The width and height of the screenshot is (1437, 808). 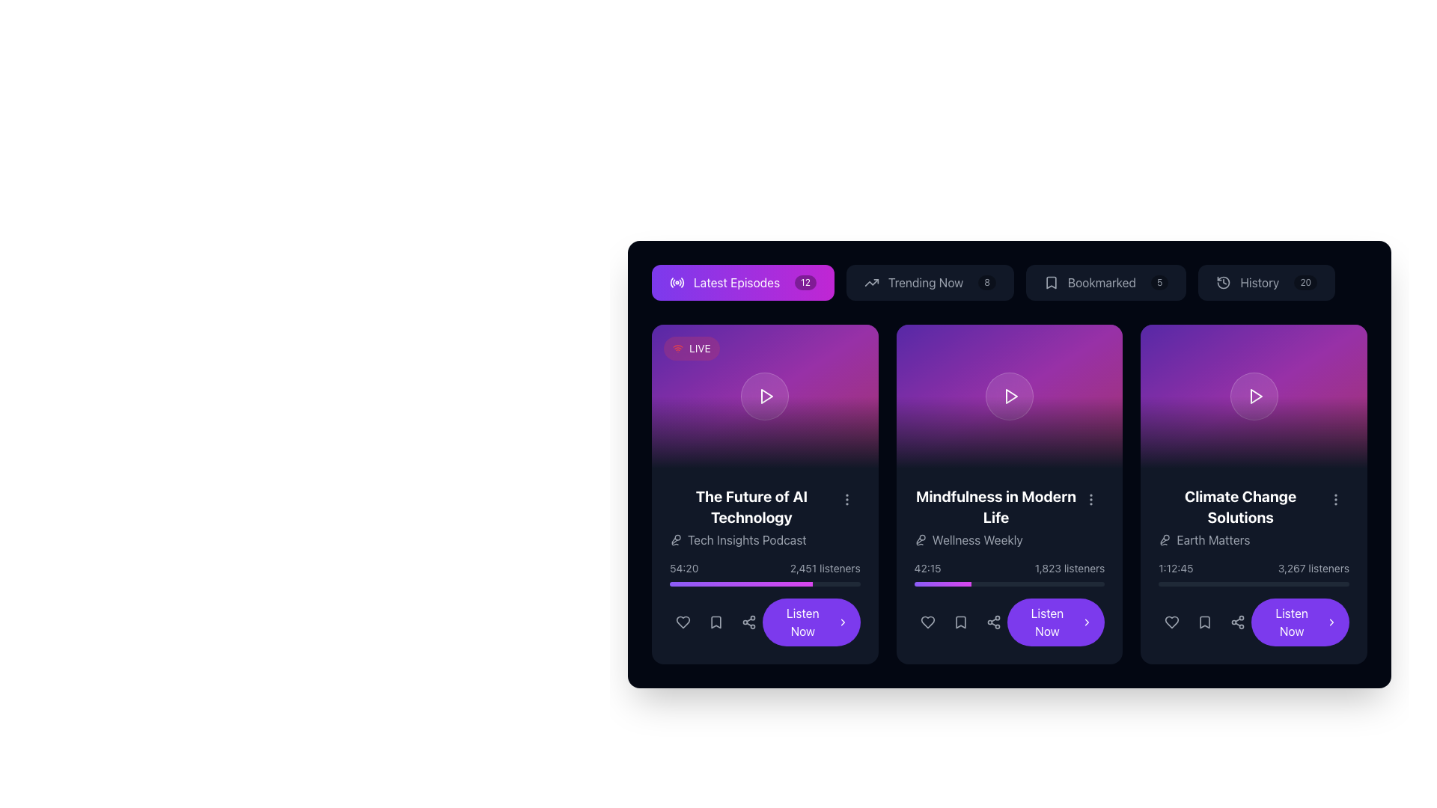 I want to click on the upward-pointing zigzag icon indicating a trend, located in the top-right section of the interface, so click(x=871, y=283).